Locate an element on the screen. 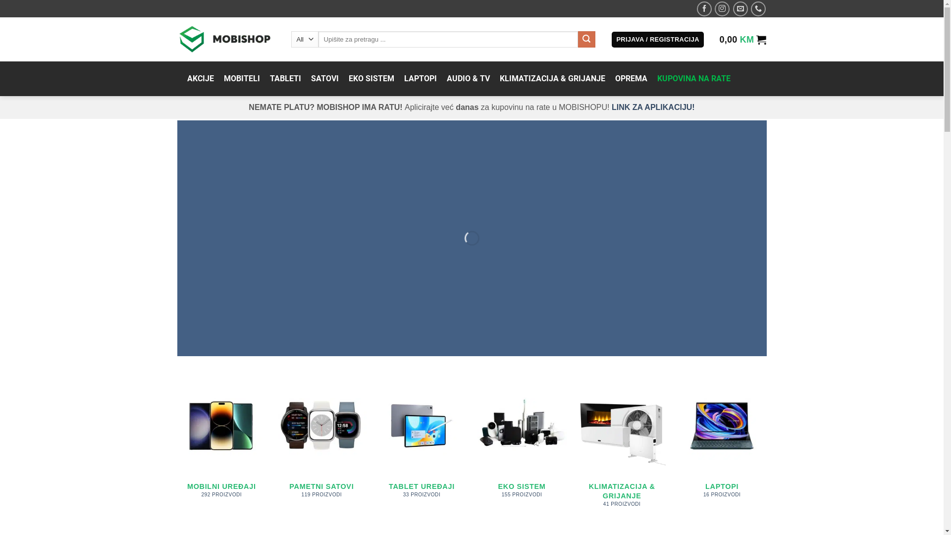 Image resolution: width=951 pixels, height=535 pixels. 'Send us an email' is located at coordinates (740, 8).